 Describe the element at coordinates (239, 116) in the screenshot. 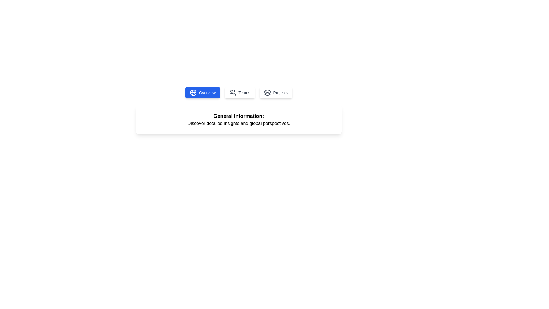

I see `text element that serves as a section heading, located above the text 'Discover detailed insights and global perspectives.'` at that location.